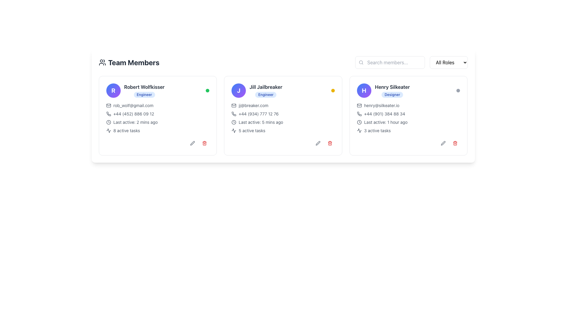 This screenshot has height=323, width=575. What do you see at coordinates (392, 87) in the screenshot?
I see `on the text element displaying the name 'Henry Silkeater' at the top of the third user profile card` at bounding box center [392, 87].